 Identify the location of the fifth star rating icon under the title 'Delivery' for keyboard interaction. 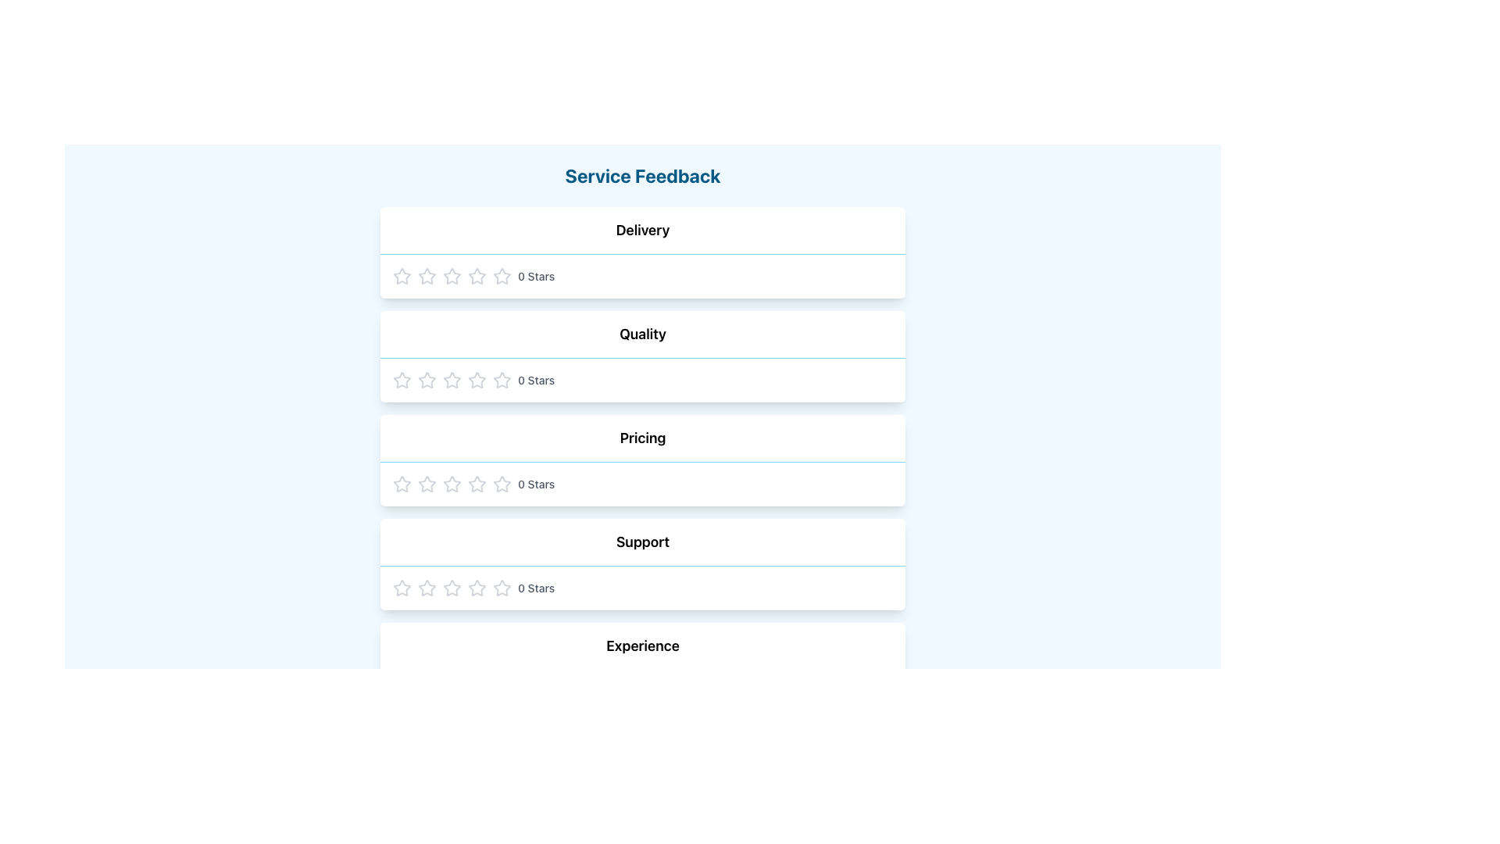
(476, 276).